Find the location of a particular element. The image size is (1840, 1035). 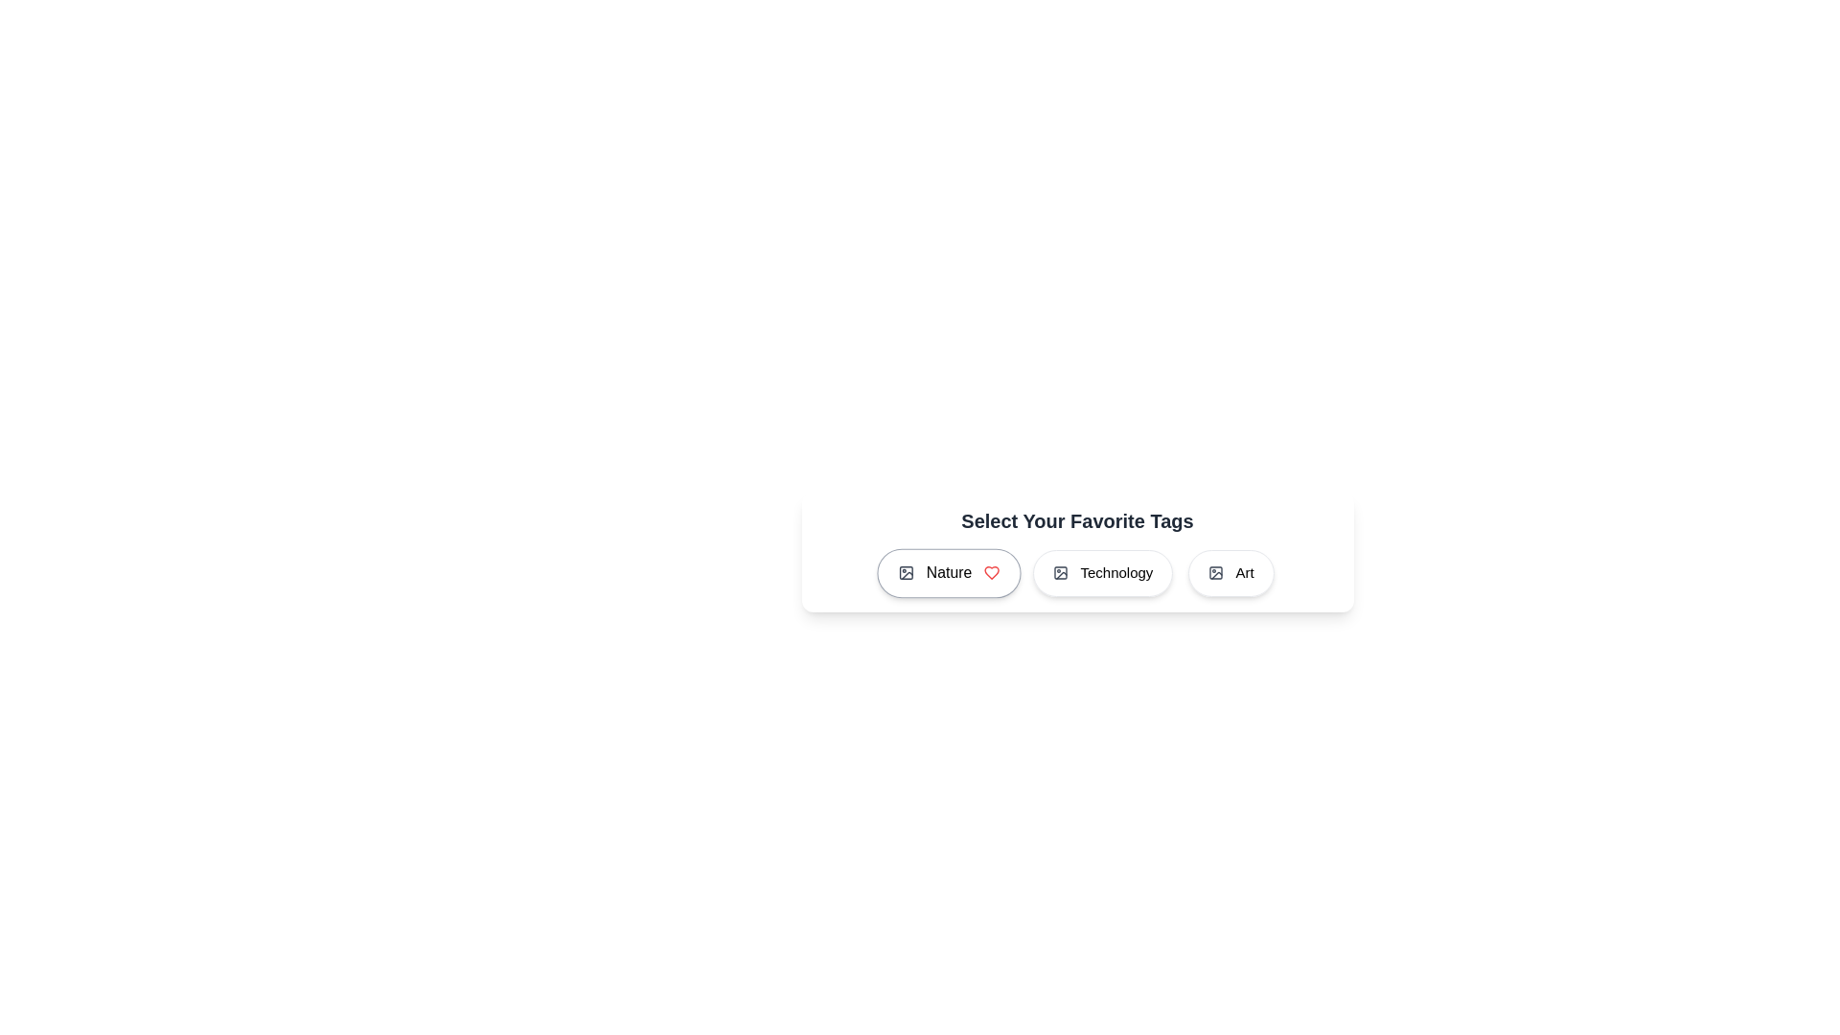

the icon inside the tag labeled Nature is located at coordinates (906, 572).